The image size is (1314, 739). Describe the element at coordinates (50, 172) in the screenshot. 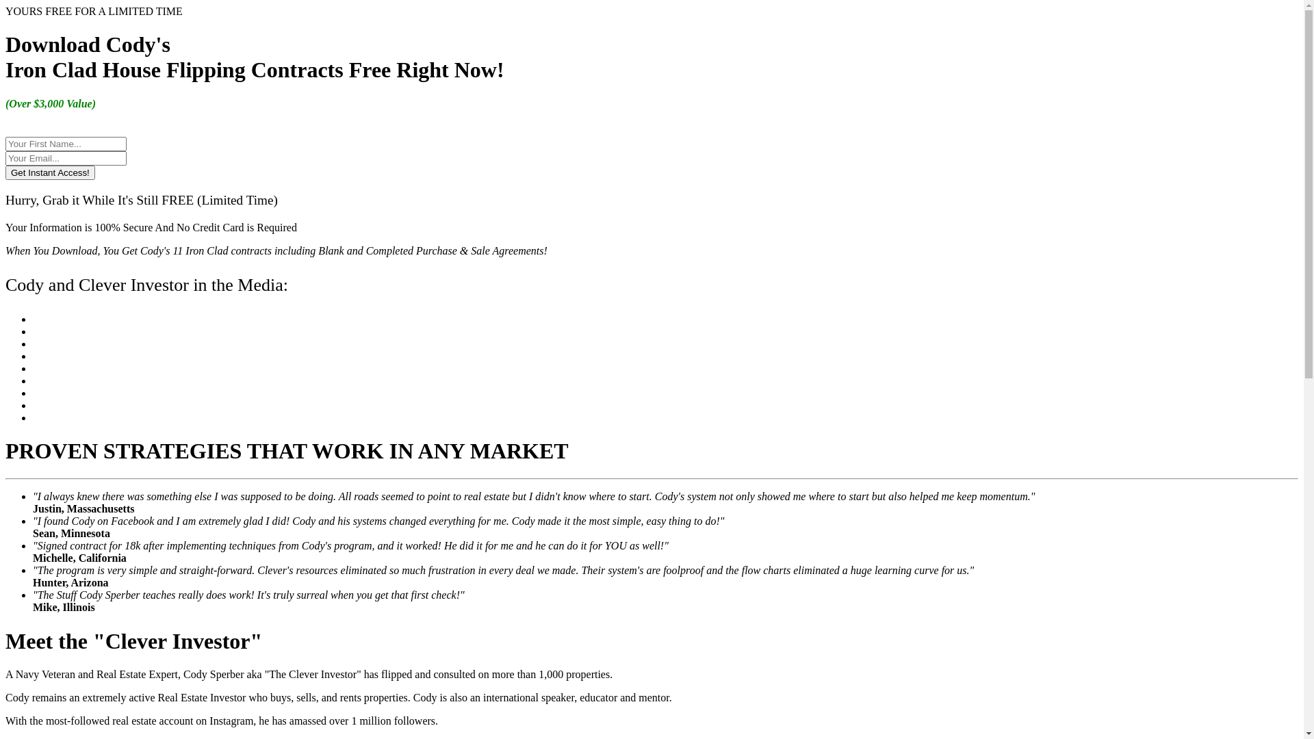

I see `'Get Instant Access!'` at that location.